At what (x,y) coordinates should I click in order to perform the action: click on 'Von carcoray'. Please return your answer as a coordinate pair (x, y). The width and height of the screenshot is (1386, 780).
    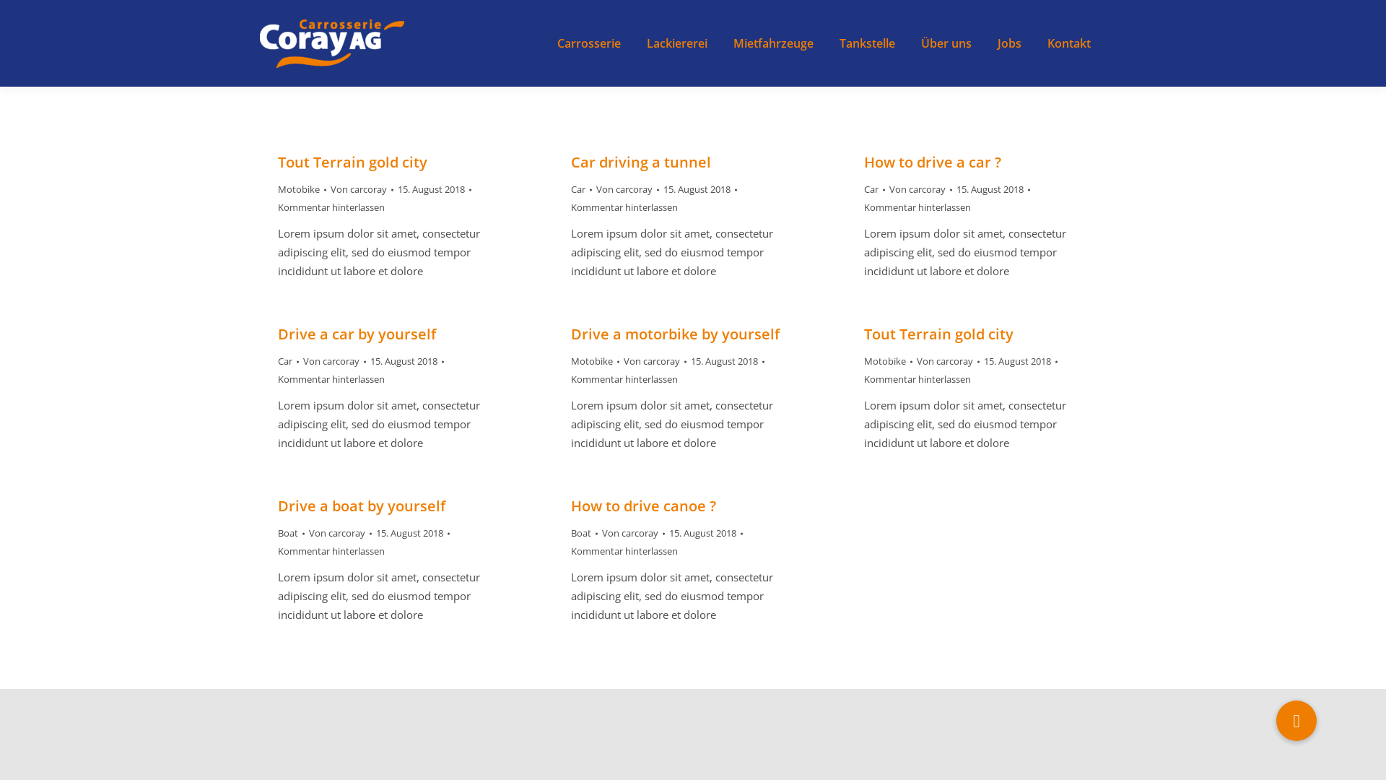
    Looking at the image, I should click on (362, 188).